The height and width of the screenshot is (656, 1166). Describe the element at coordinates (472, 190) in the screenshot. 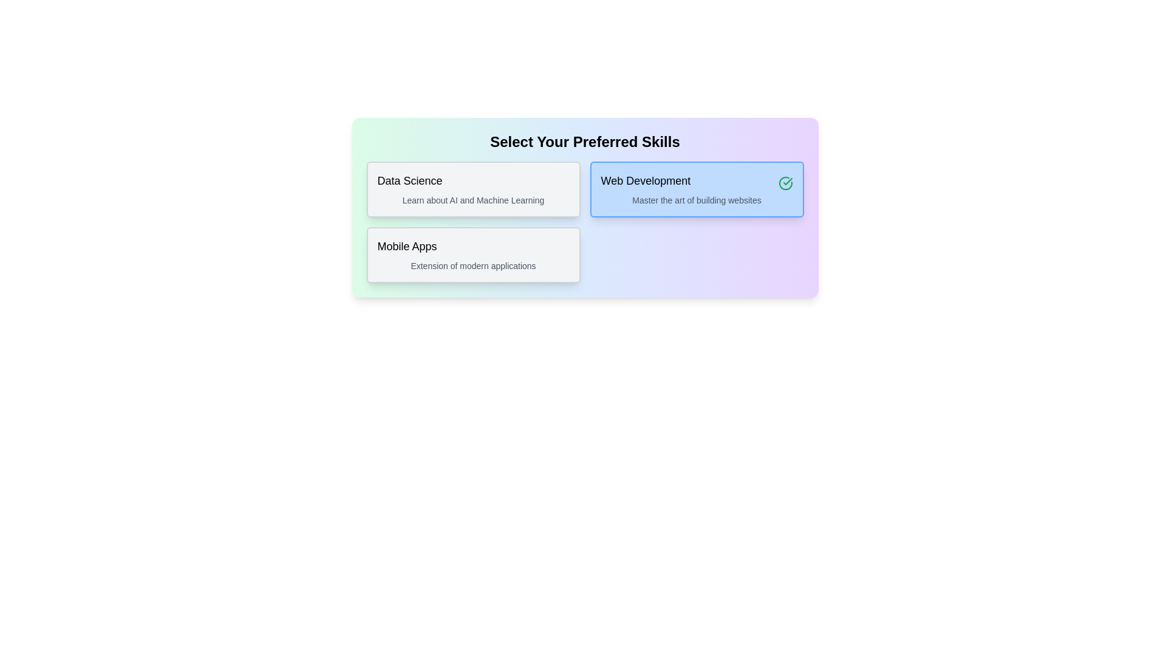

I see `the chip labeled Data Science to observe its hover effect` at that location.